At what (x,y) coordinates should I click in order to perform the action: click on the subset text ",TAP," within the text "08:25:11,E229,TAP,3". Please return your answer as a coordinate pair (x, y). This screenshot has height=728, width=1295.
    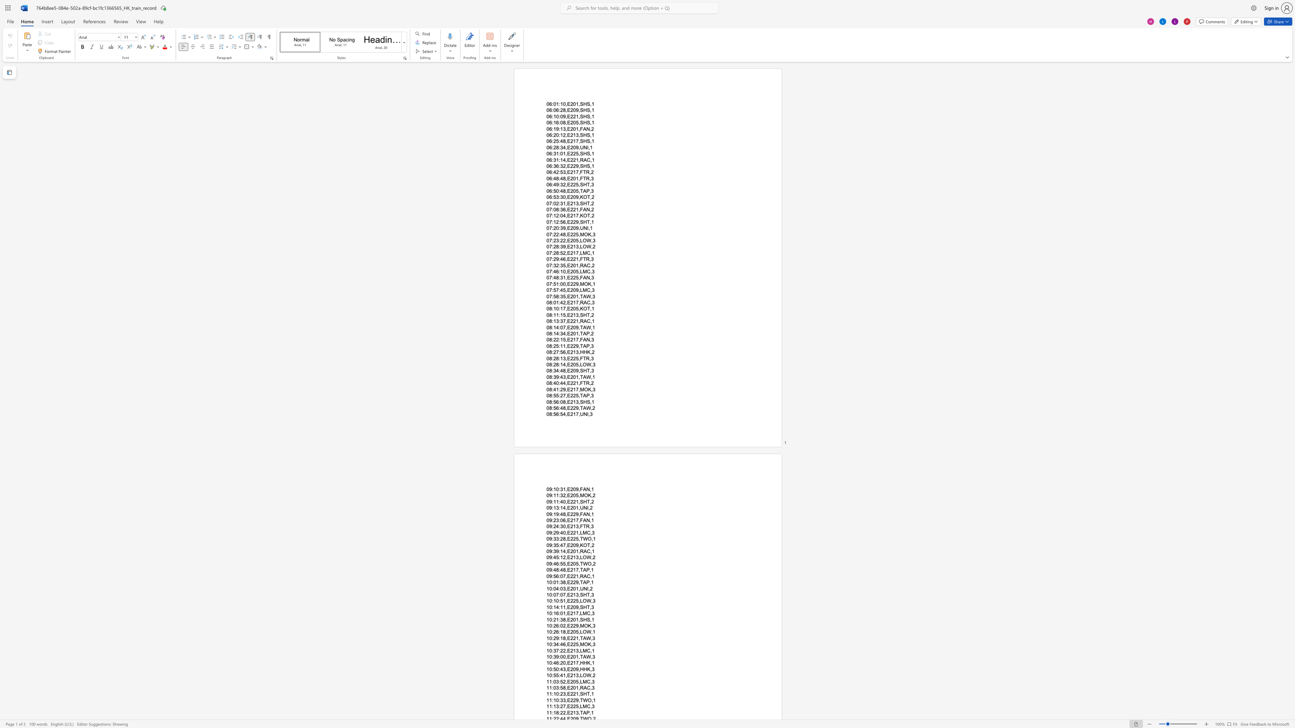
    Looking at the image, I should click on (578, 346).